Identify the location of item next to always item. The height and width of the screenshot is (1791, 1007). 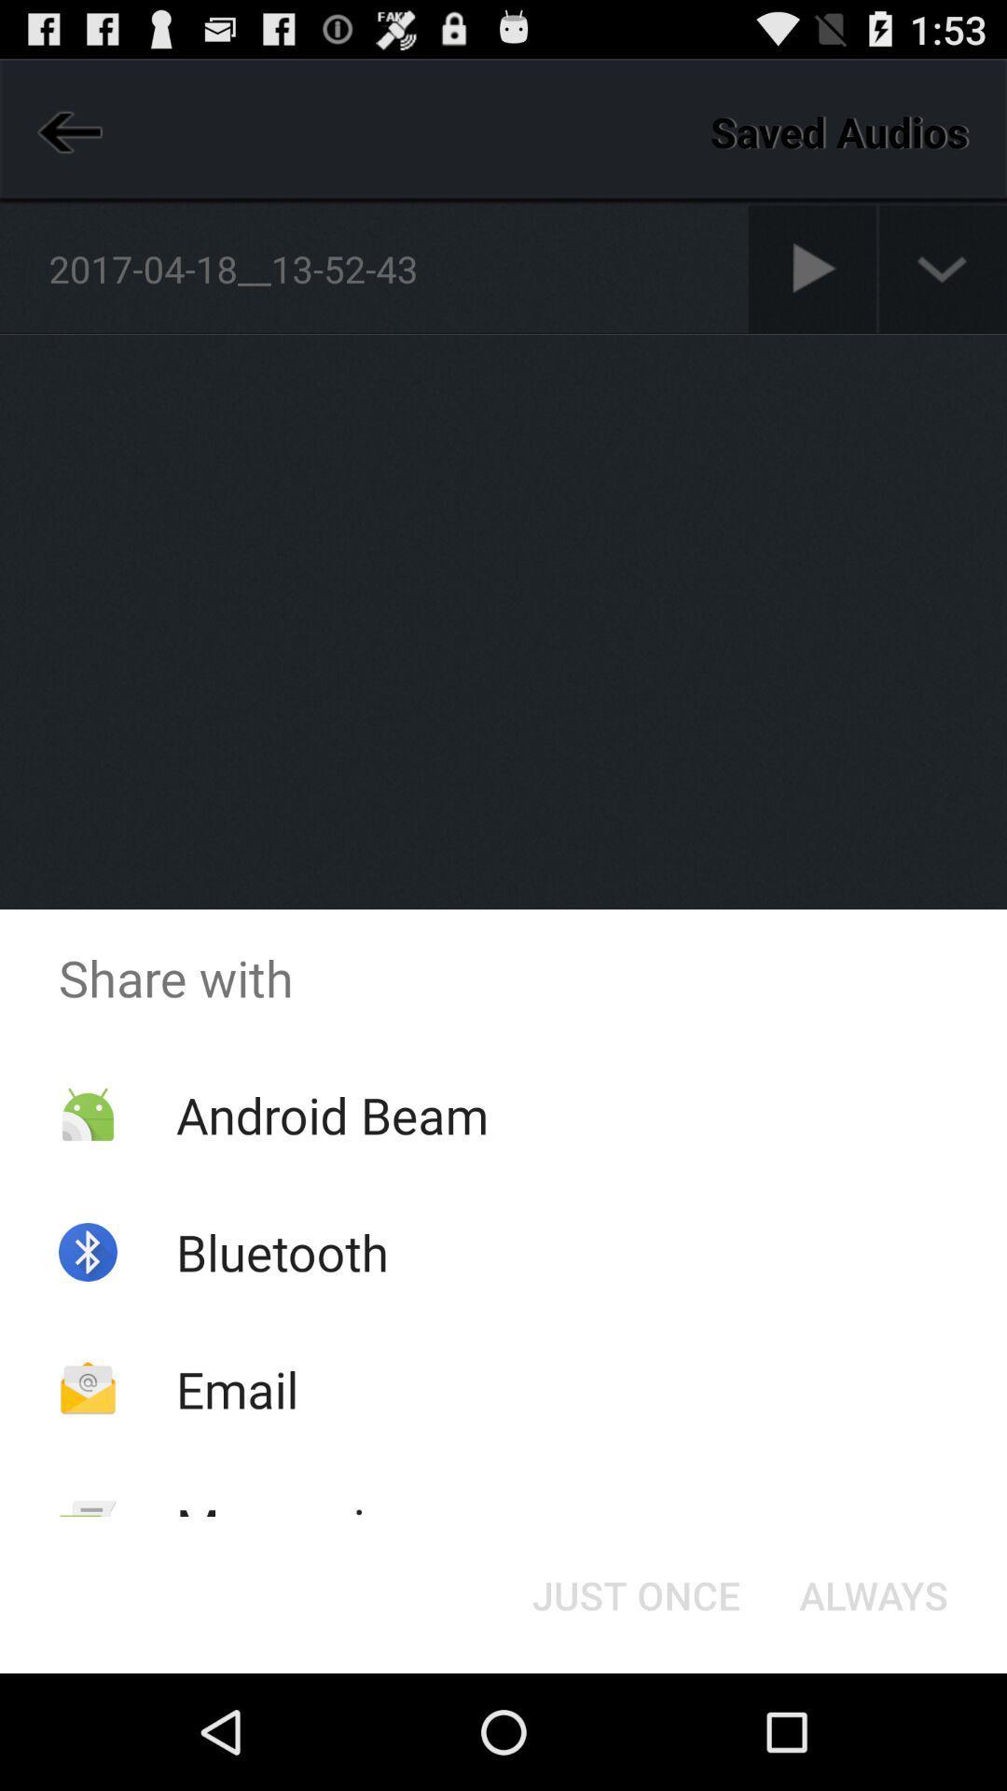
(635, 1593).